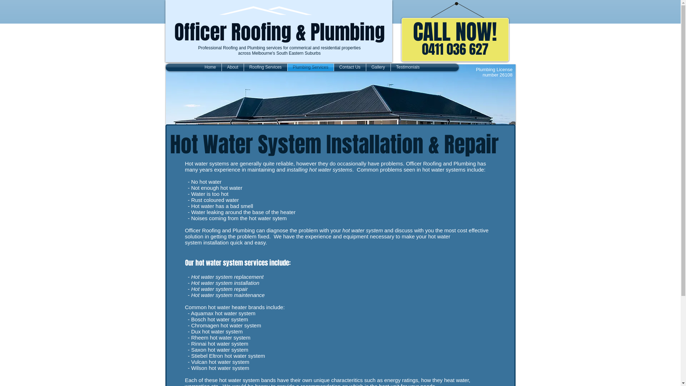 The image size is (686, 386). Describe the element at coordinates (210, 67) in the screenshot. I see `'Home'` at that location.